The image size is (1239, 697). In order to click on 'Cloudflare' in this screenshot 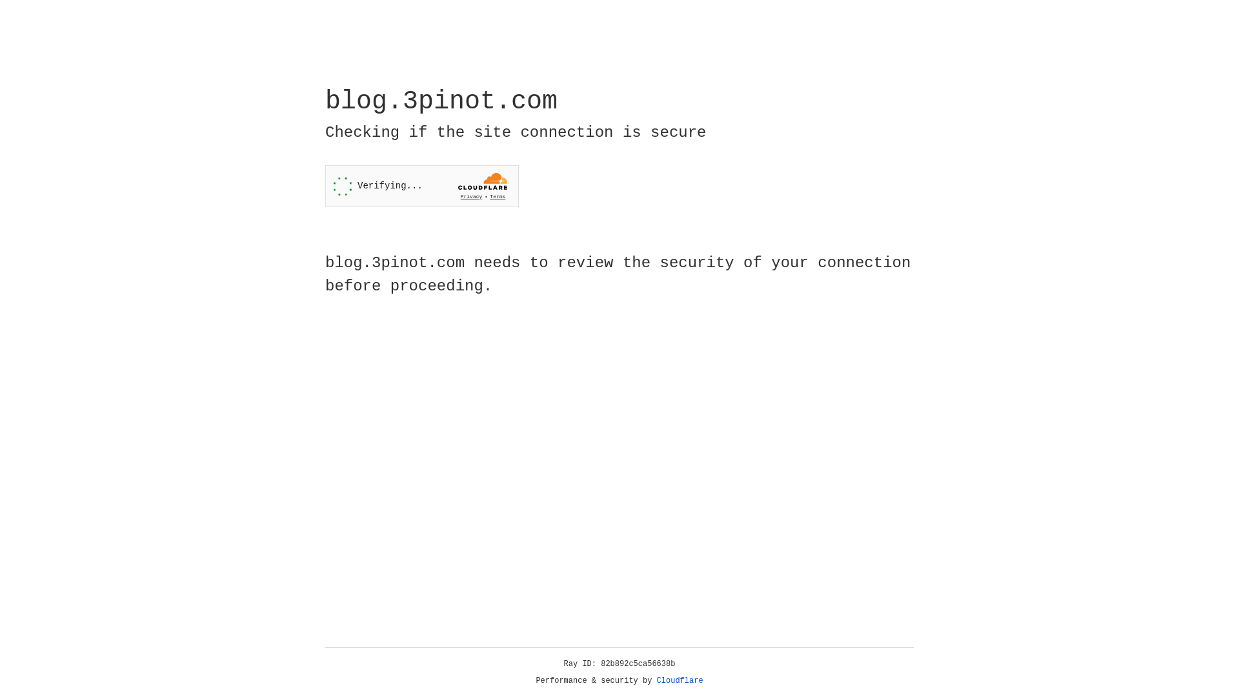, I will do `click(680, 680)`.